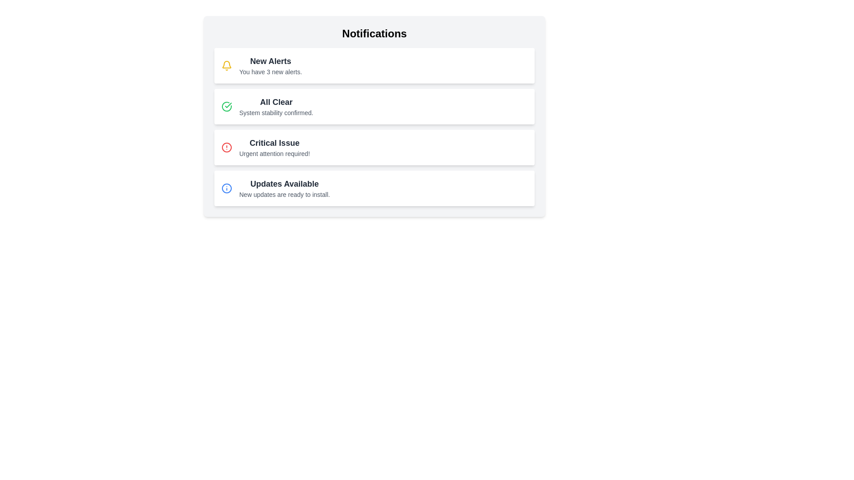  Describe the element at coordinates (270, 65) in the screenshot. I see `the 'New Alerts' notification element that displays the title in bold and a secondary line of text indicating the number of new alerts` at that location.